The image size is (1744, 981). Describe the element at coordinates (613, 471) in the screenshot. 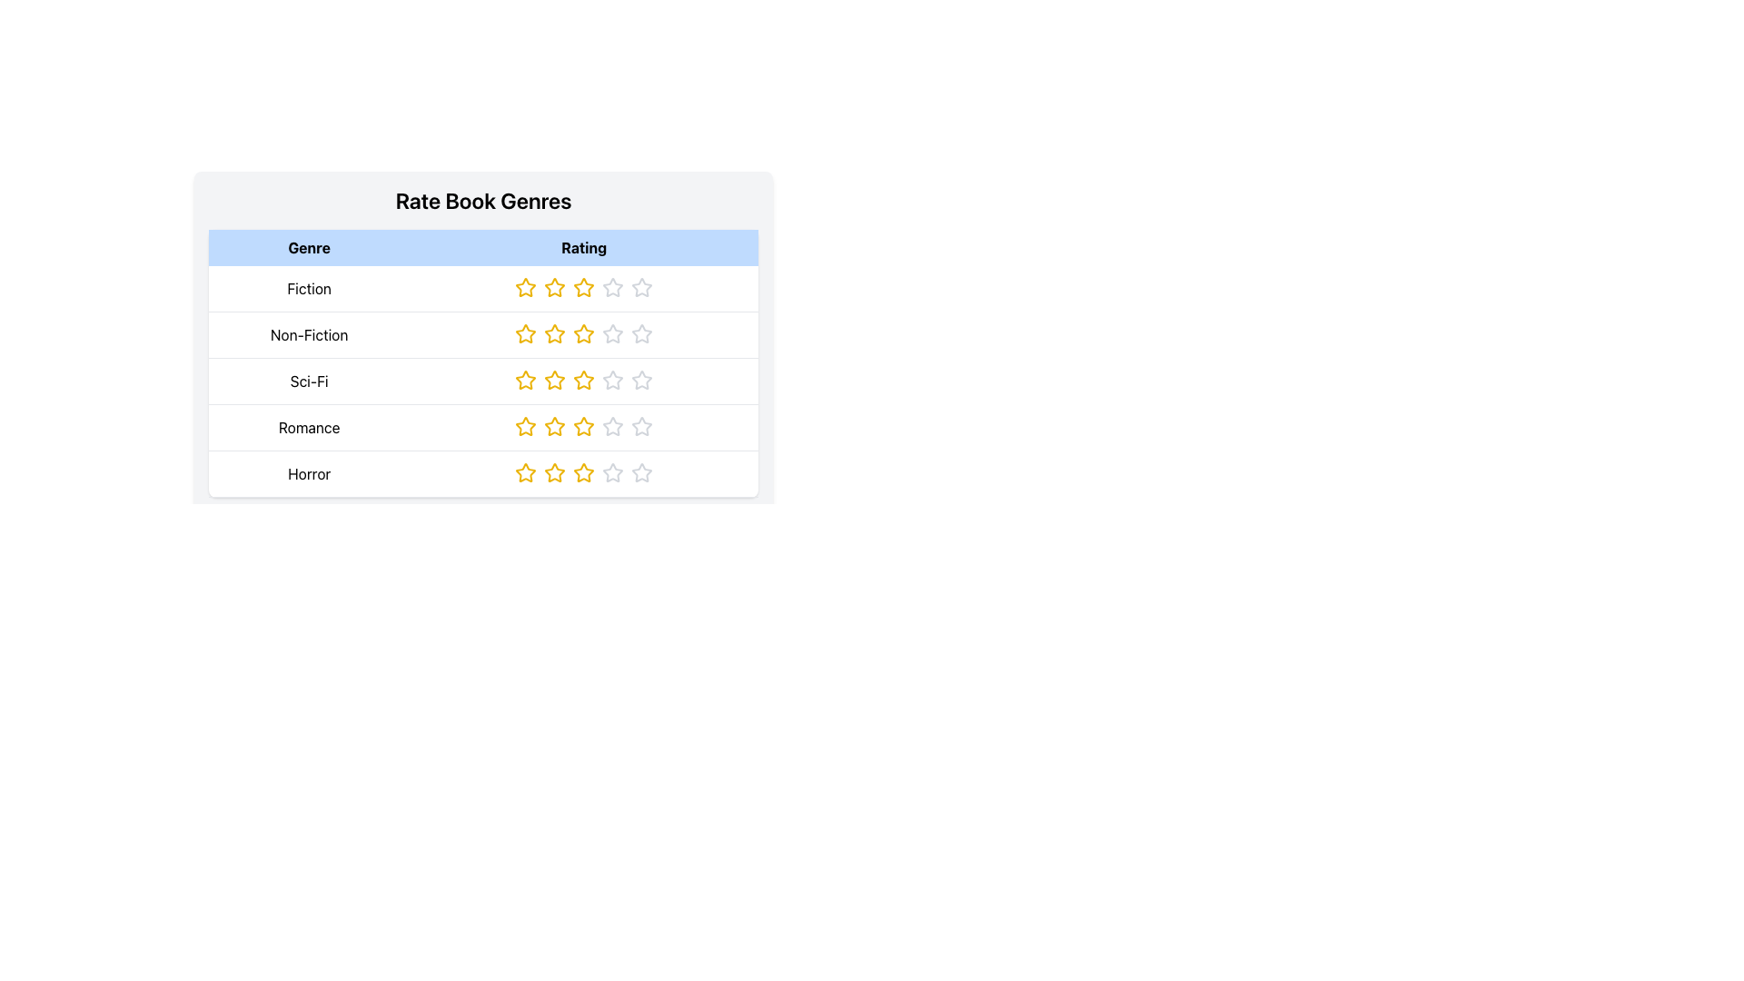

I see `the fourth star in the star rating component for the 'Horror' genre to provide a rating` at that location.